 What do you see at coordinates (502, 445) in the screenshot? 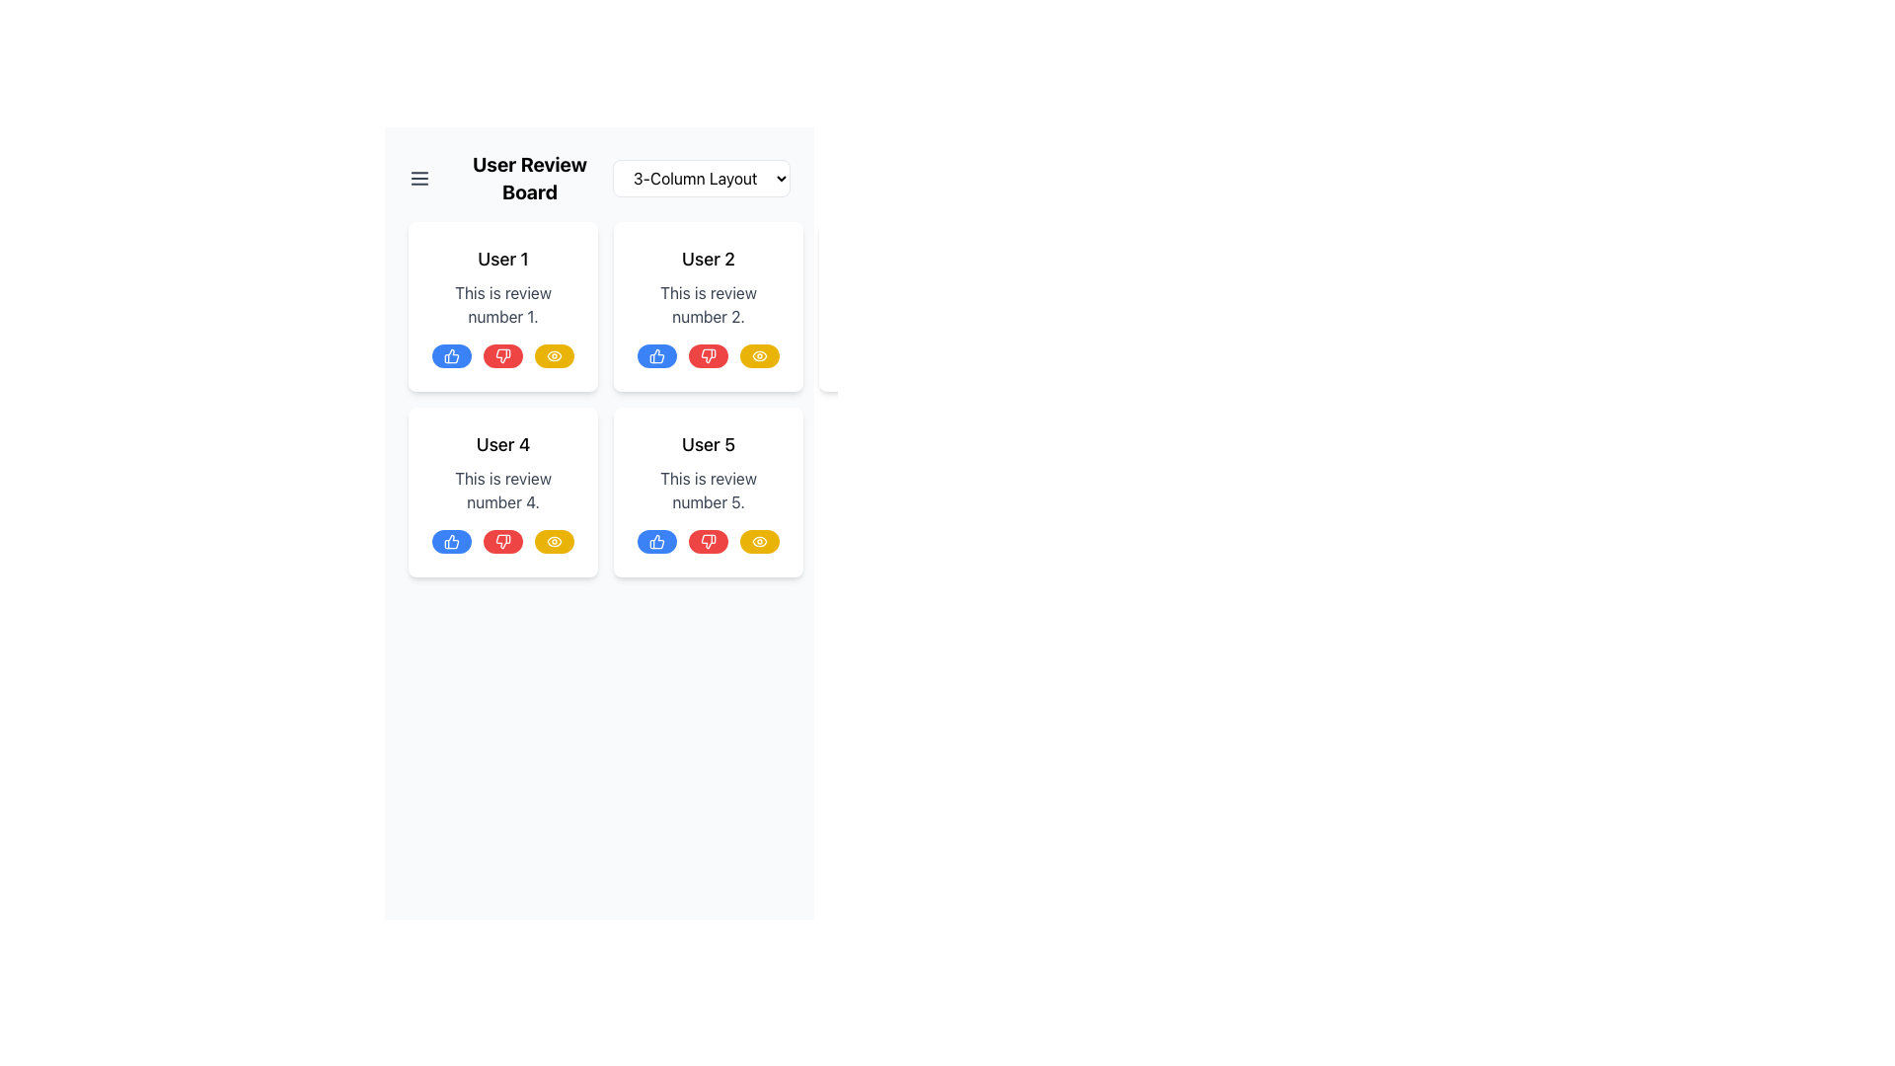
I see `the static text element displaying 'User 4', which is located in the bottom-left card of a 3-column layout` at bounding box center [502, 445].